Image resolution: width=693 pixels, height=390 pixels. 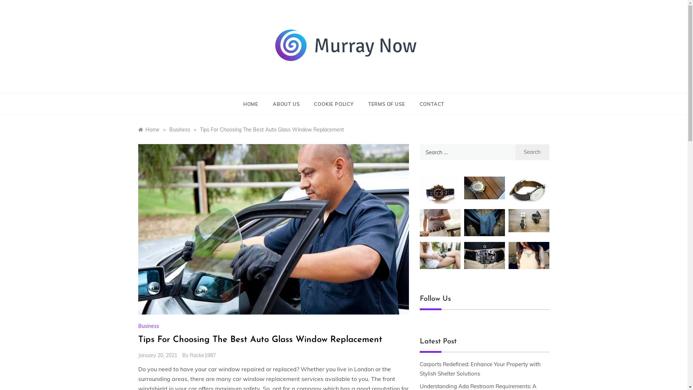 I want to click on 'TERMS OF USE', so click(x=386, y=104).